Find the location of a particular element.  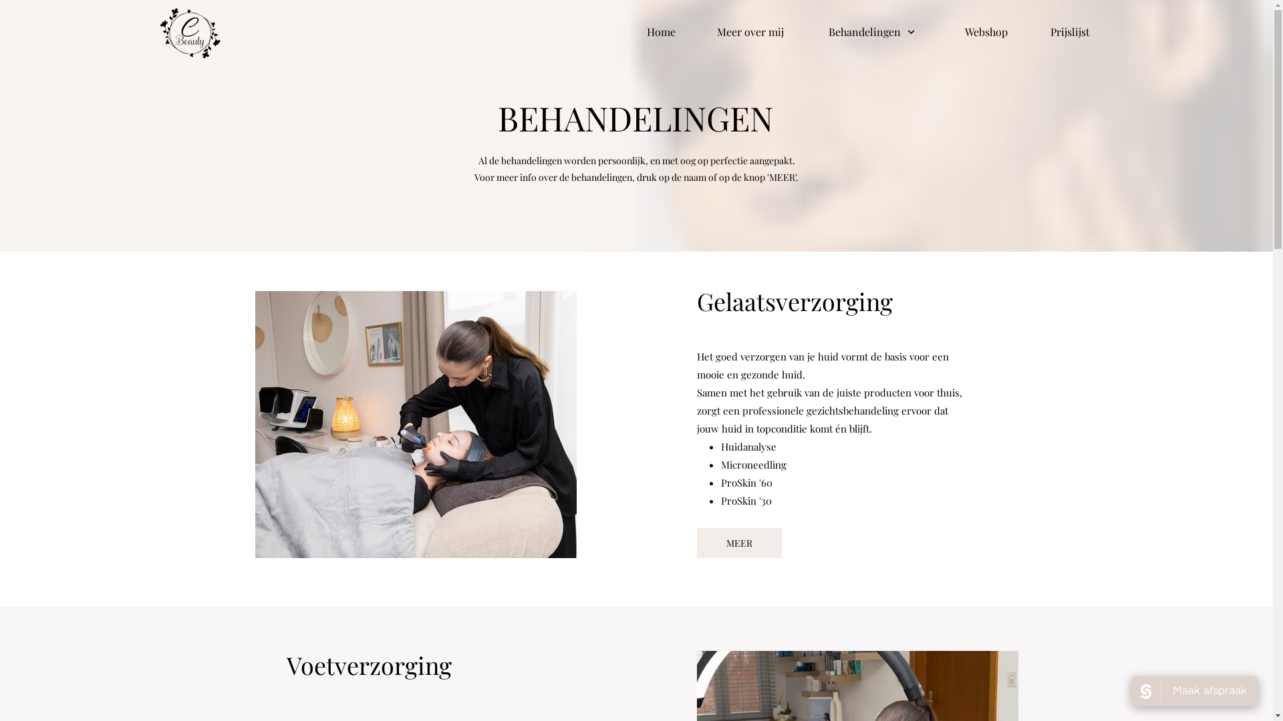

'Home' is located at coordinates (647, 31).